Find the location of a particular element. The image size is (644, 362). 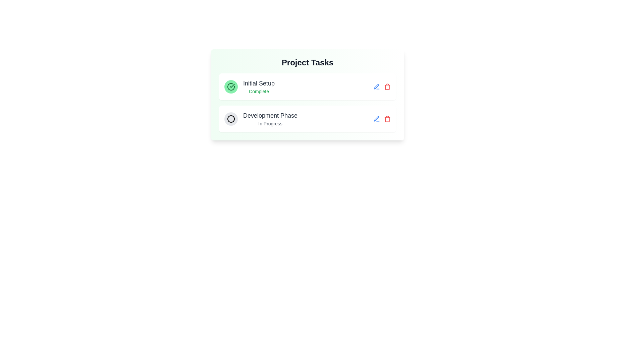

the text label displaying 'In Progress' which is located below the bold title 'Development Phase' within the task management interface is located at coordinates (270, 124).